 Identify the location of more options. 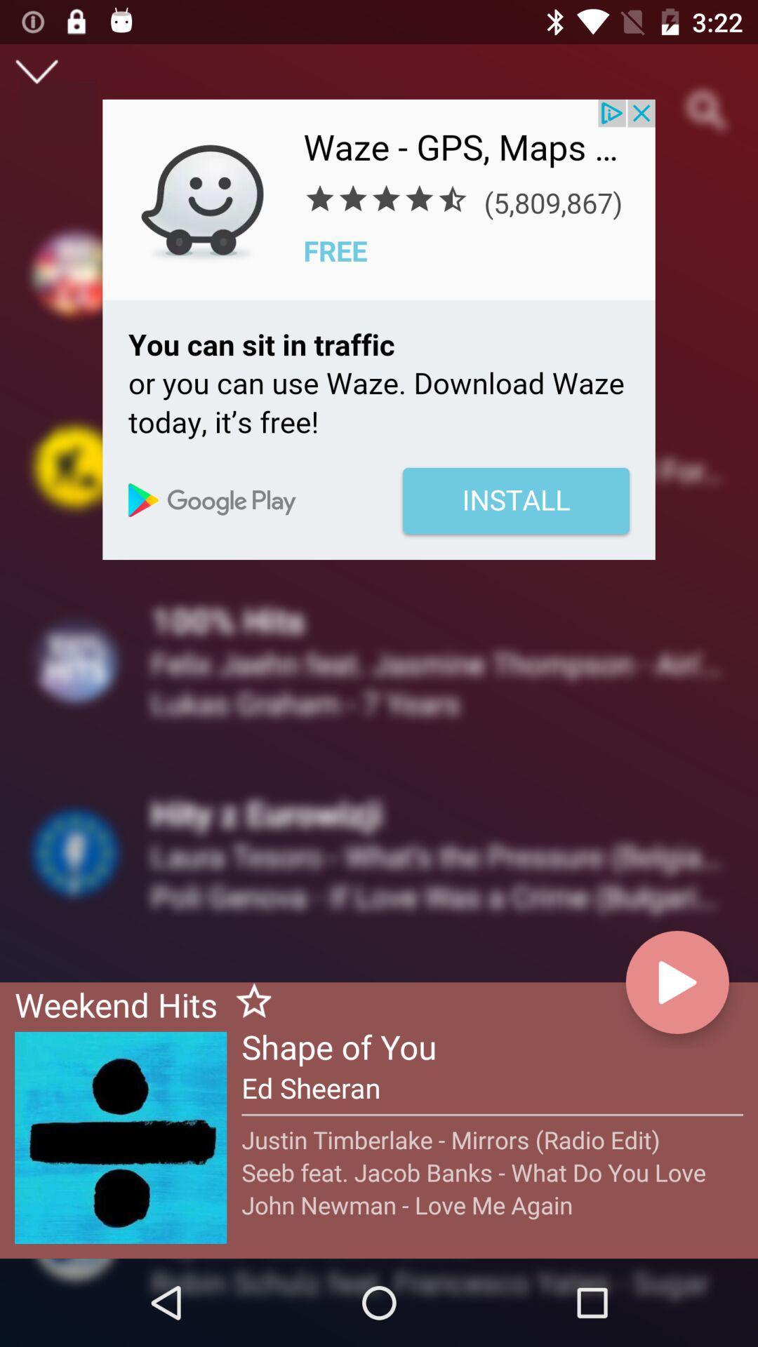
(36, 71).